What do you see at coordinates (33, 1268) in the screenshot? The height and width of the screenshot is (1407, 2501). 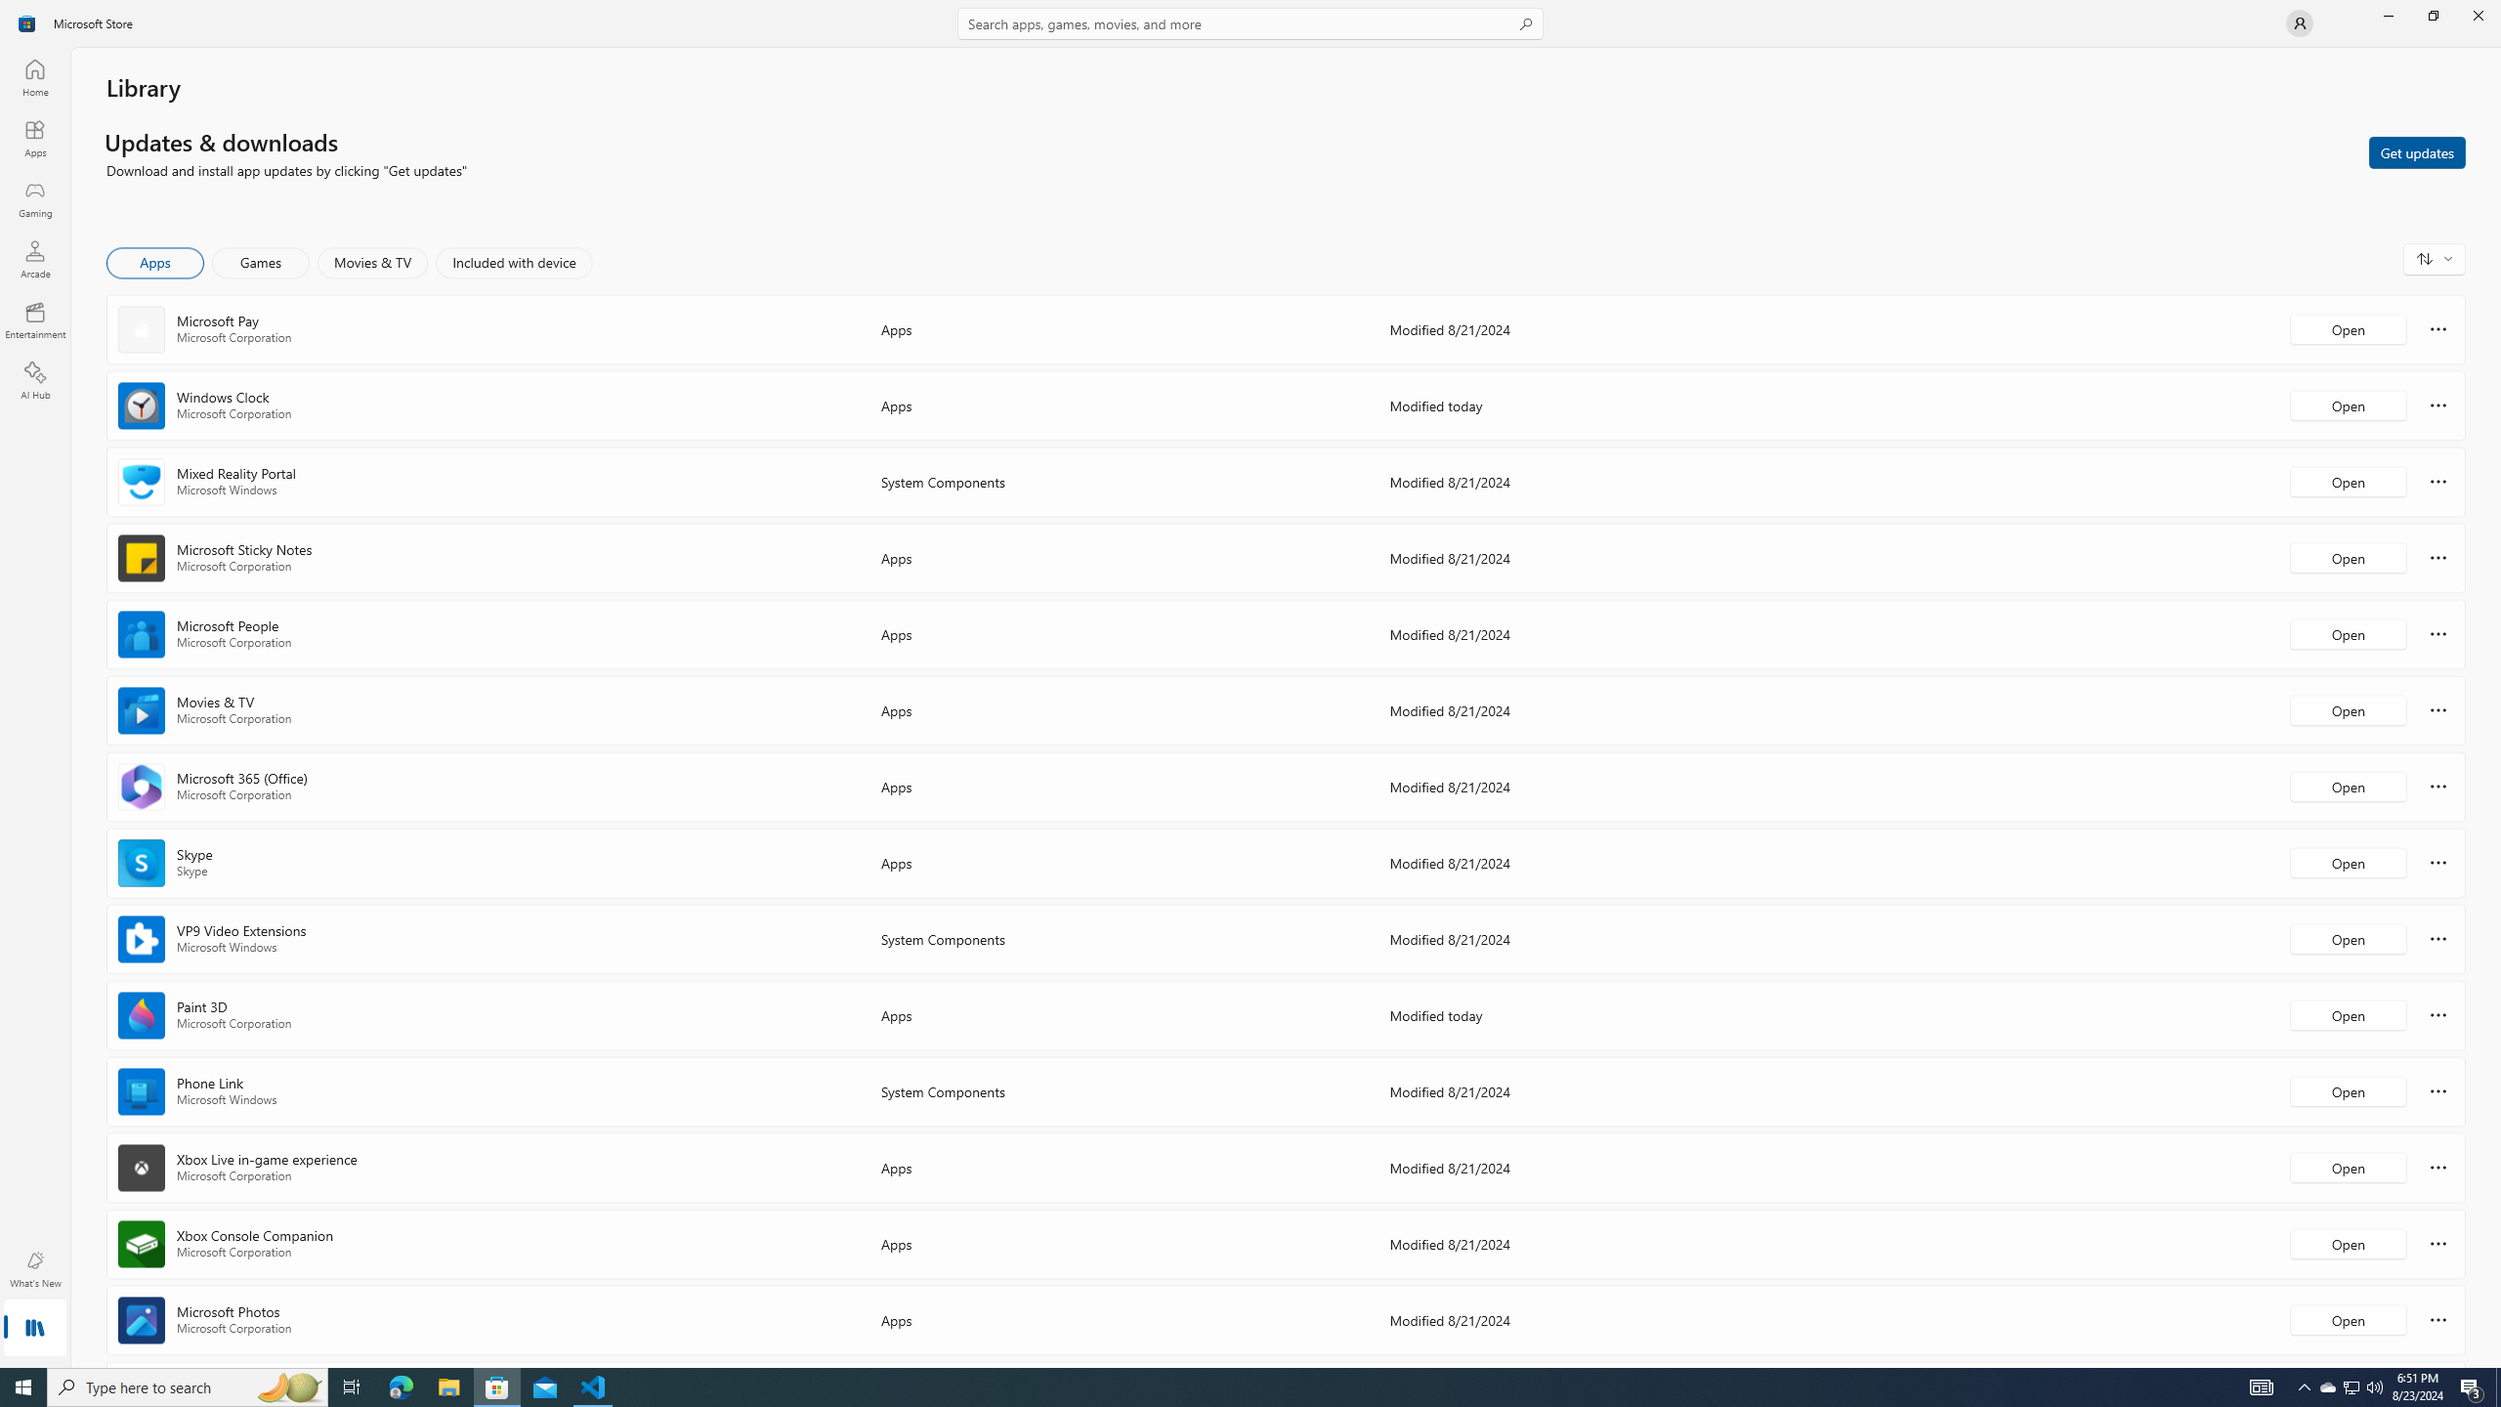 I see `'What'` at bounding box center [33, 1268].